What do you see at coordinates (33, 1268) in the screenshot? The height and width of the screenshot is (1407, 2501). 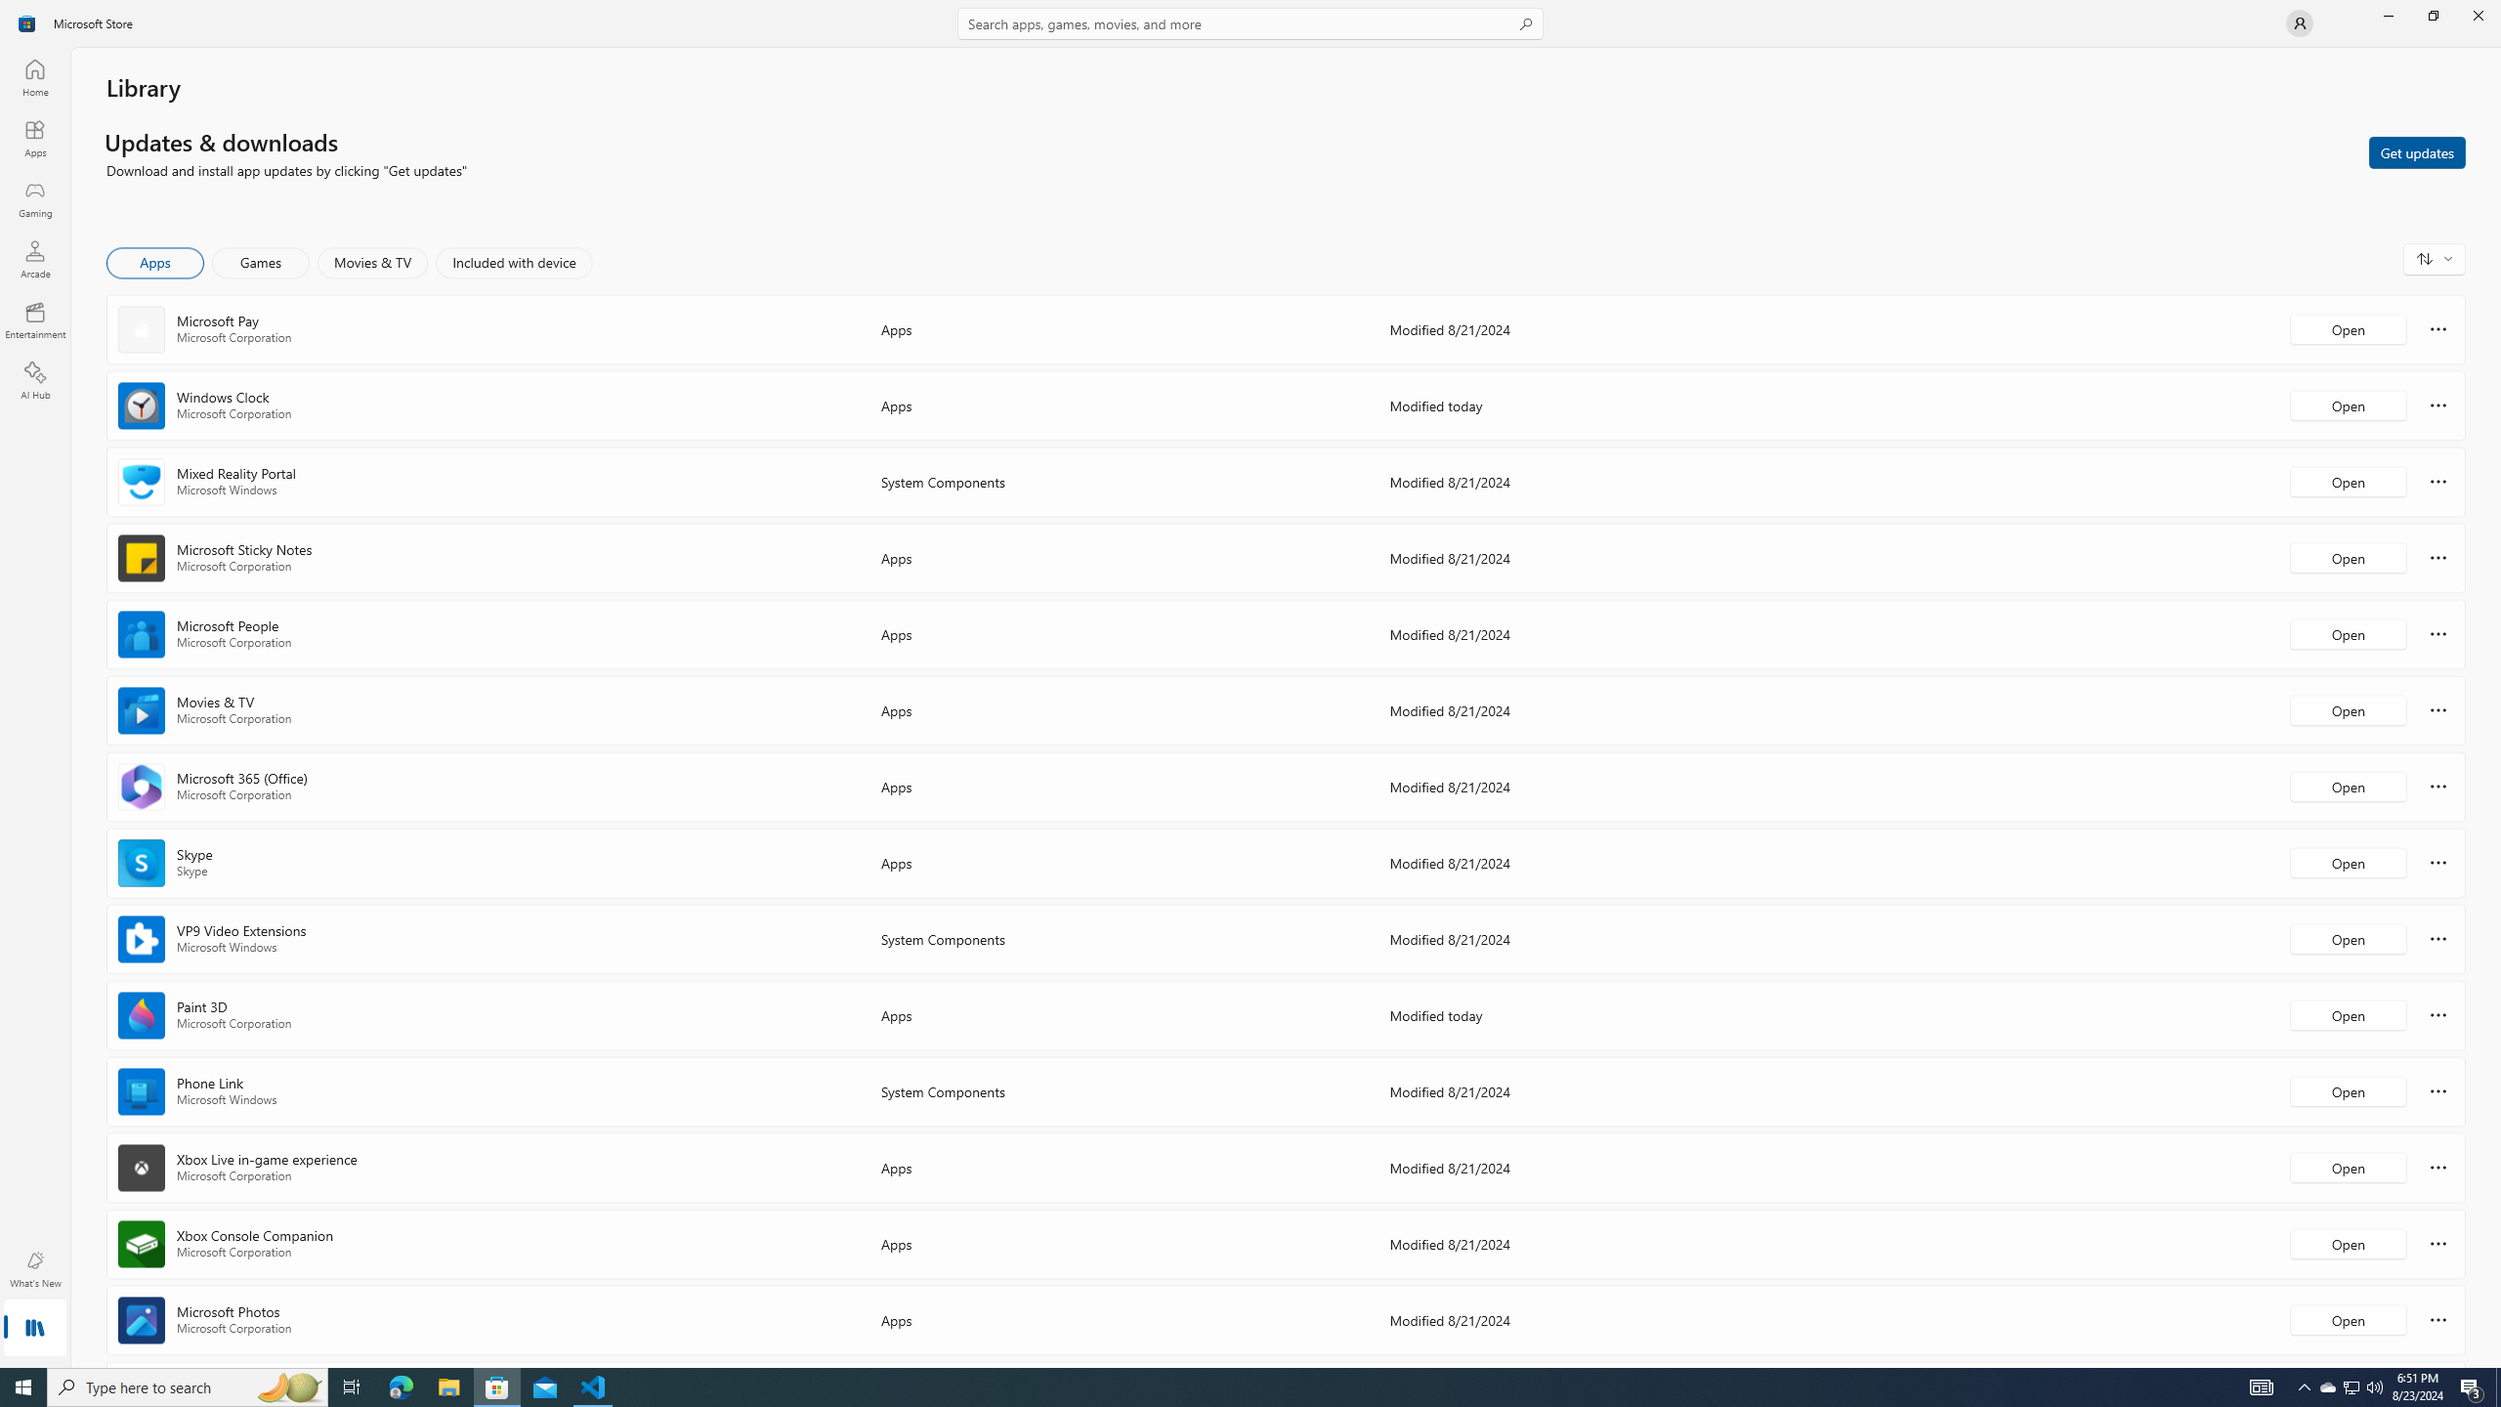 I see `'What'` at bounding box center [33, 1268].